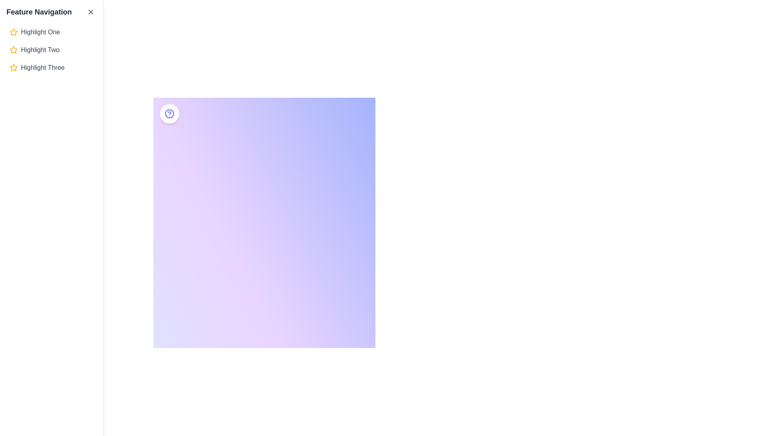 Image resolution: width=775 pixels, height=436 pixels. Describe the element at coordinates (51, 50) in the screenshot. I see `the second item in the vertical navigation list labeled 'Highlight Two'` at that location.